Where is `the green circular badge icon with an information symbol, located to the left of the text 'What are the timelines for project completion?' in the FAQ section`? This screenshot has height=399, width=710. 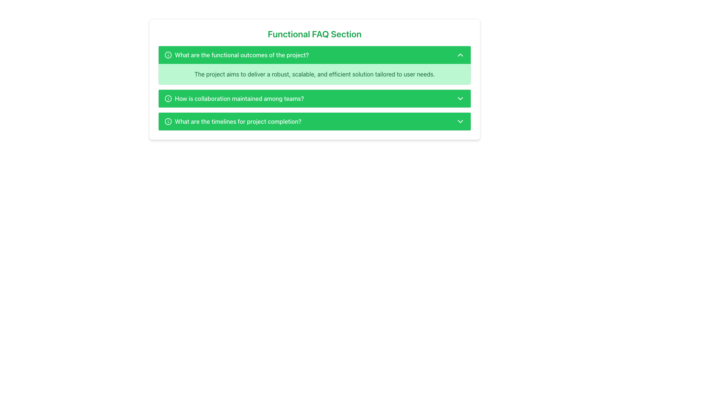 the green circular badge icon with an information symbol, located to the left of the text 'What are the timelines for project completion?' in the FAQ section is located at coordinates (168, 121).